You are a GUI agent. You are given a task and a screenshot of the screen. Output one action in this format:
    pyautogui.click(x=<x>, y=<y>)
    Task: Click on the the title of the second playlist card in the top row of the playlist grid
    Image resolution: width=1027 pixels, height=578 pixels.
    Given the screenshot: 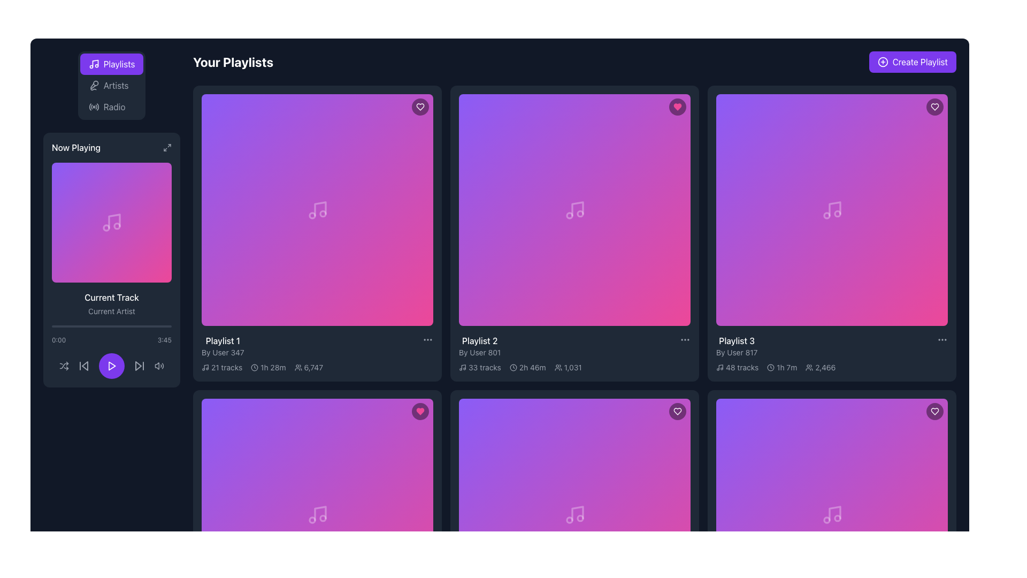 What is the action you would take?
    pyautogui.click(x=479, y=340)
    